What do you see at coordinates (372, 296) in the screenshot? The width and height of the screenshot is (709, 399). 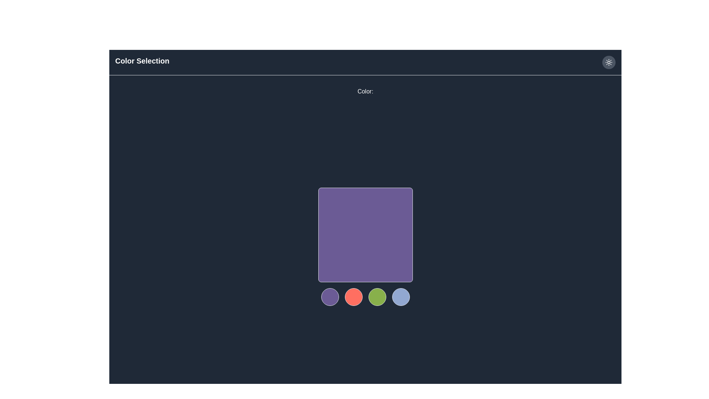 I see `the green circular button, which is the third circle from the left in a sequence of four circular buttons, located below a larger purple square` at bounding box center [372, 296].